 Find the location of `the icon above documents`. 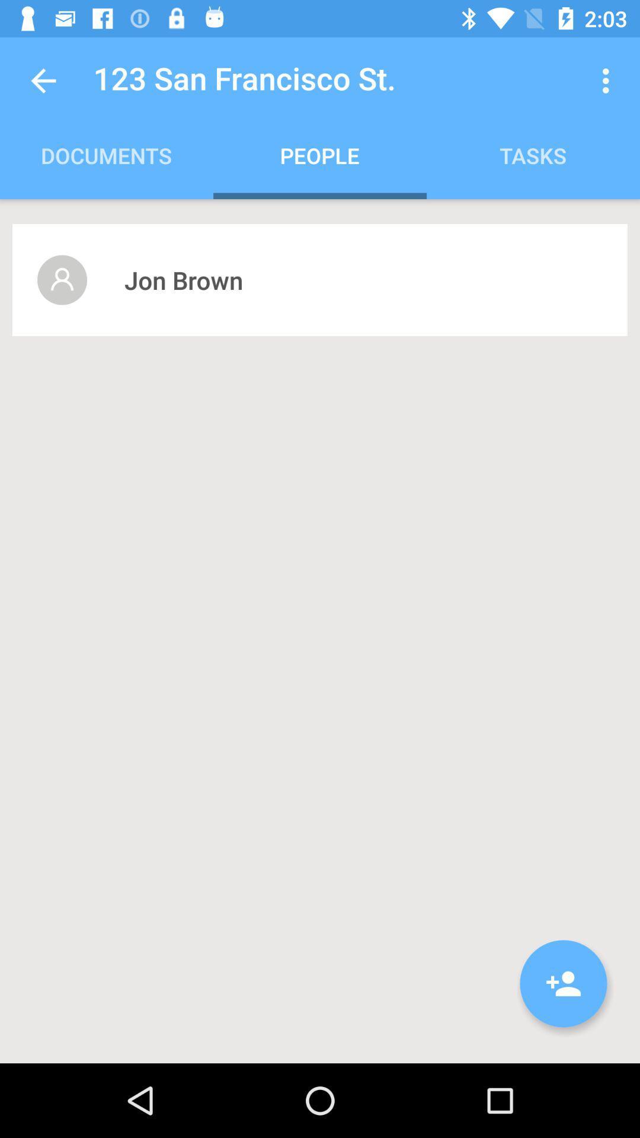

the icon above documents is located at coordinates (43, 80).